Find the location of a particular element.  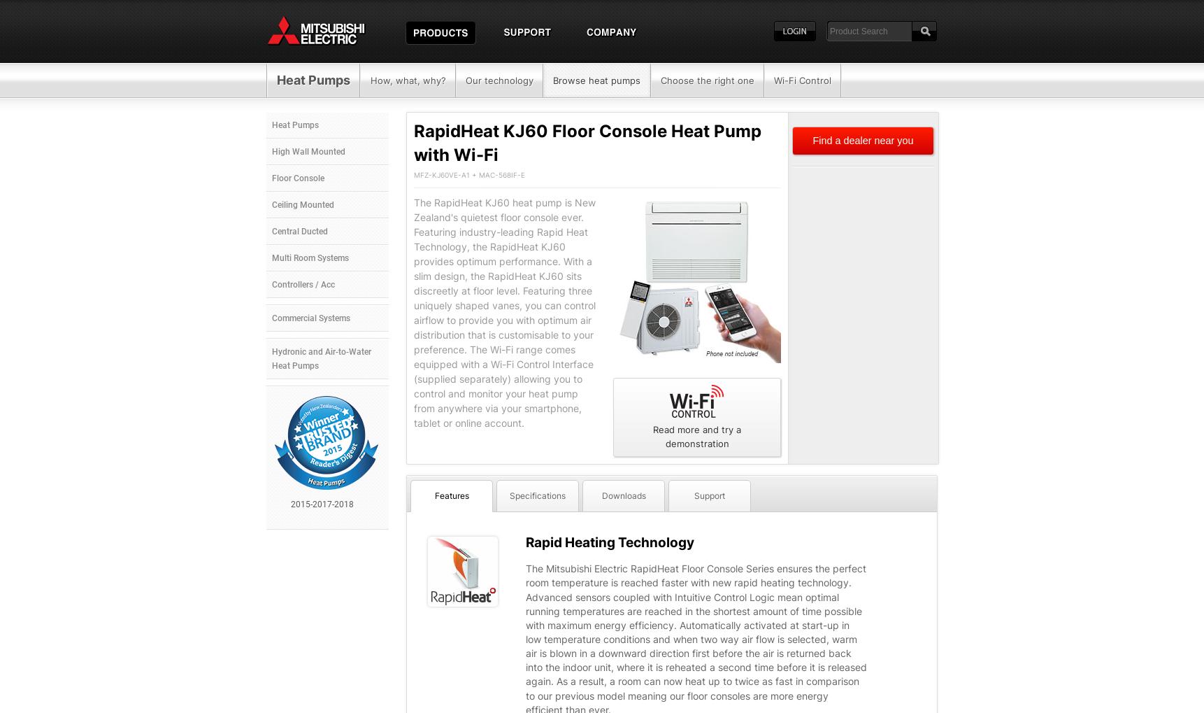

'Controllers / Acc' is located at coordinates (302, 283).